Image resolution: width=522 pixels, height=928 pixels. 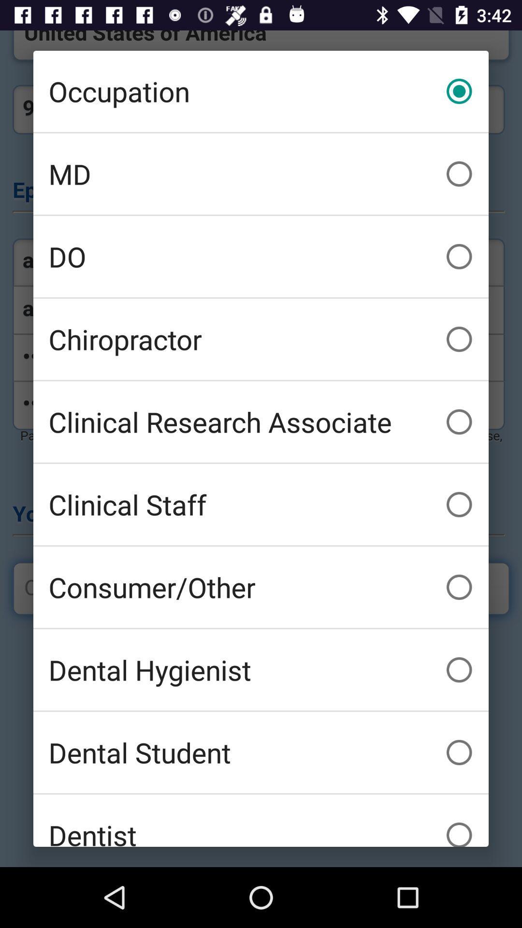 What do you see at coordinates (261, 91) in the screenshot?
I see `the occupation` at bounding box center [261, 91].